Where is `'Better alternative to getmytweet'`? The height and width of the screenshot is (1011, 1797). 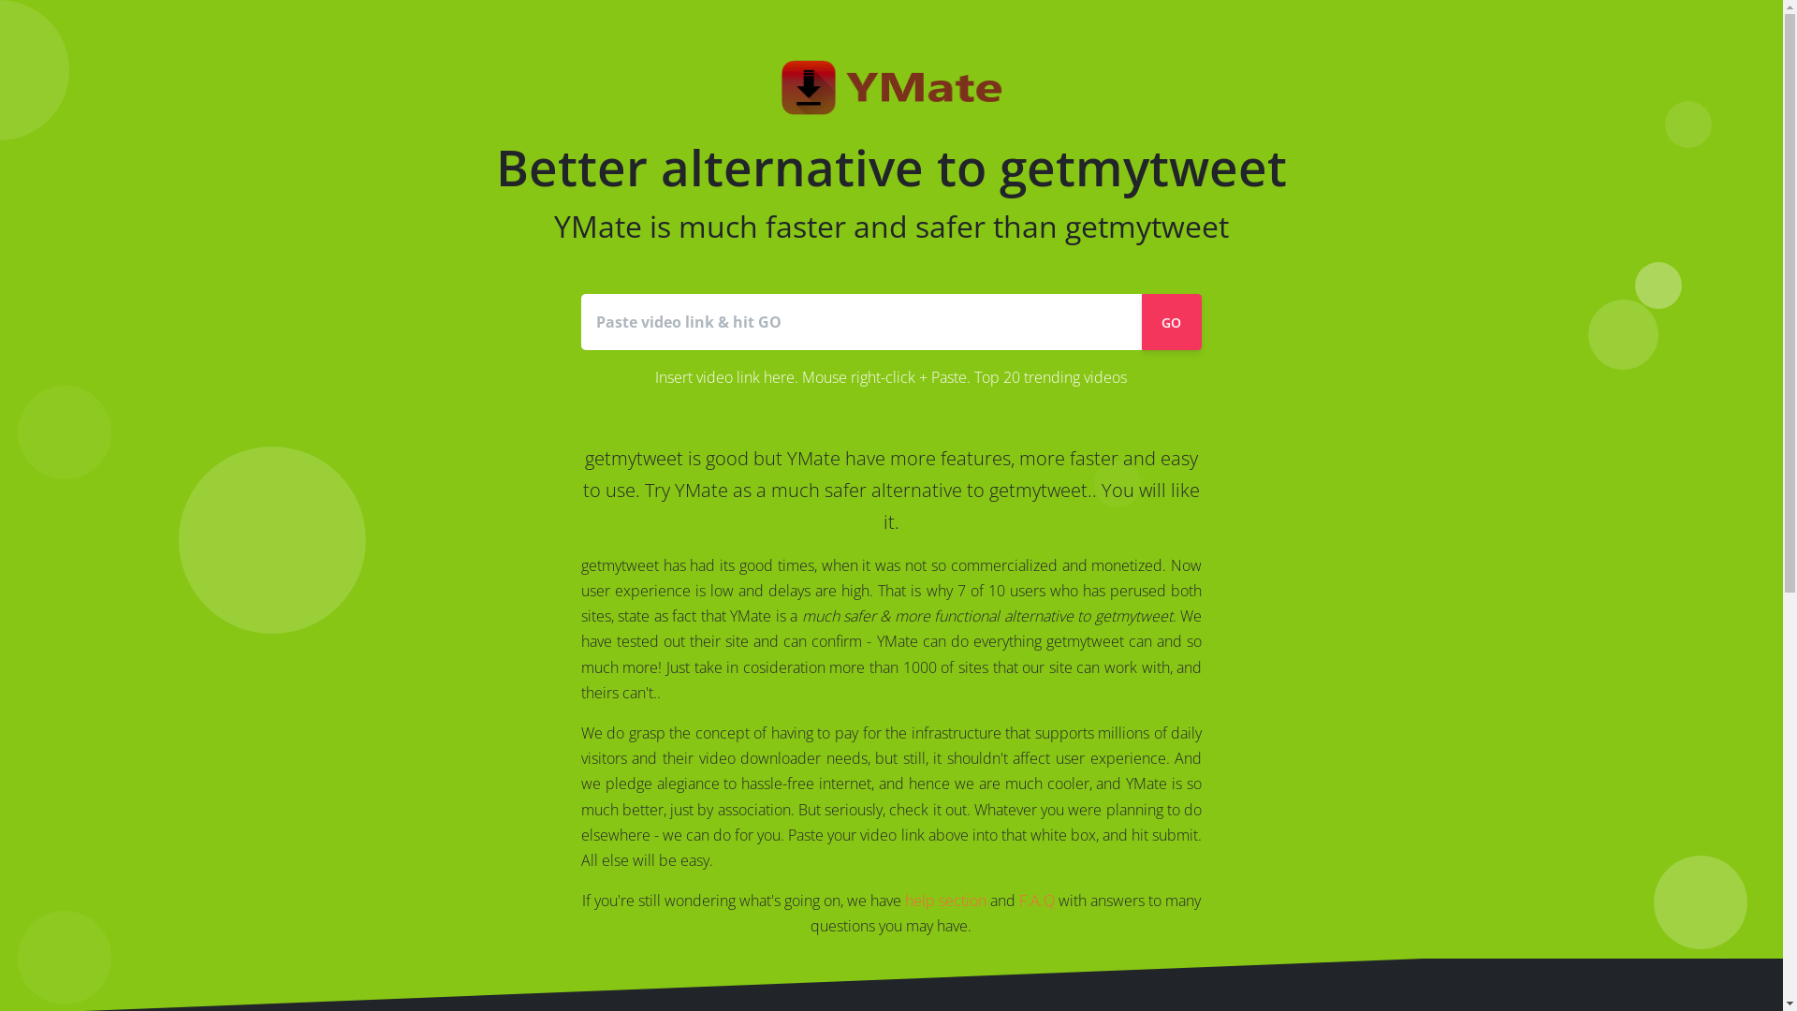 'Better alternative to getmytweet' is located at coordinates (891, 190).